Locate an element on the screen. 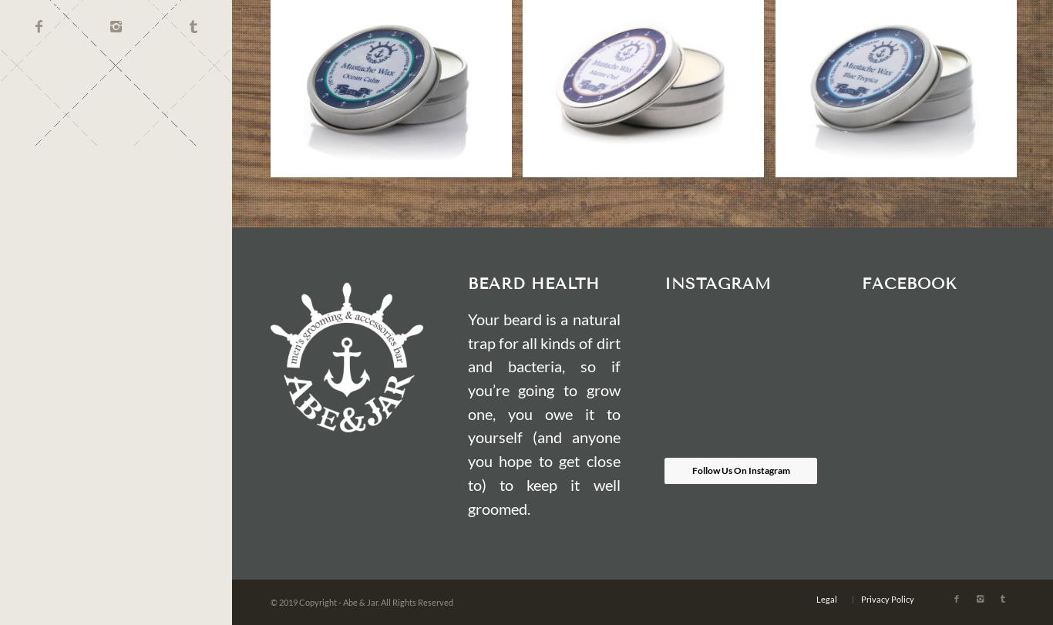 The image size is (1053, 625). 'Beard Health' is located at coordinates (533, 282).